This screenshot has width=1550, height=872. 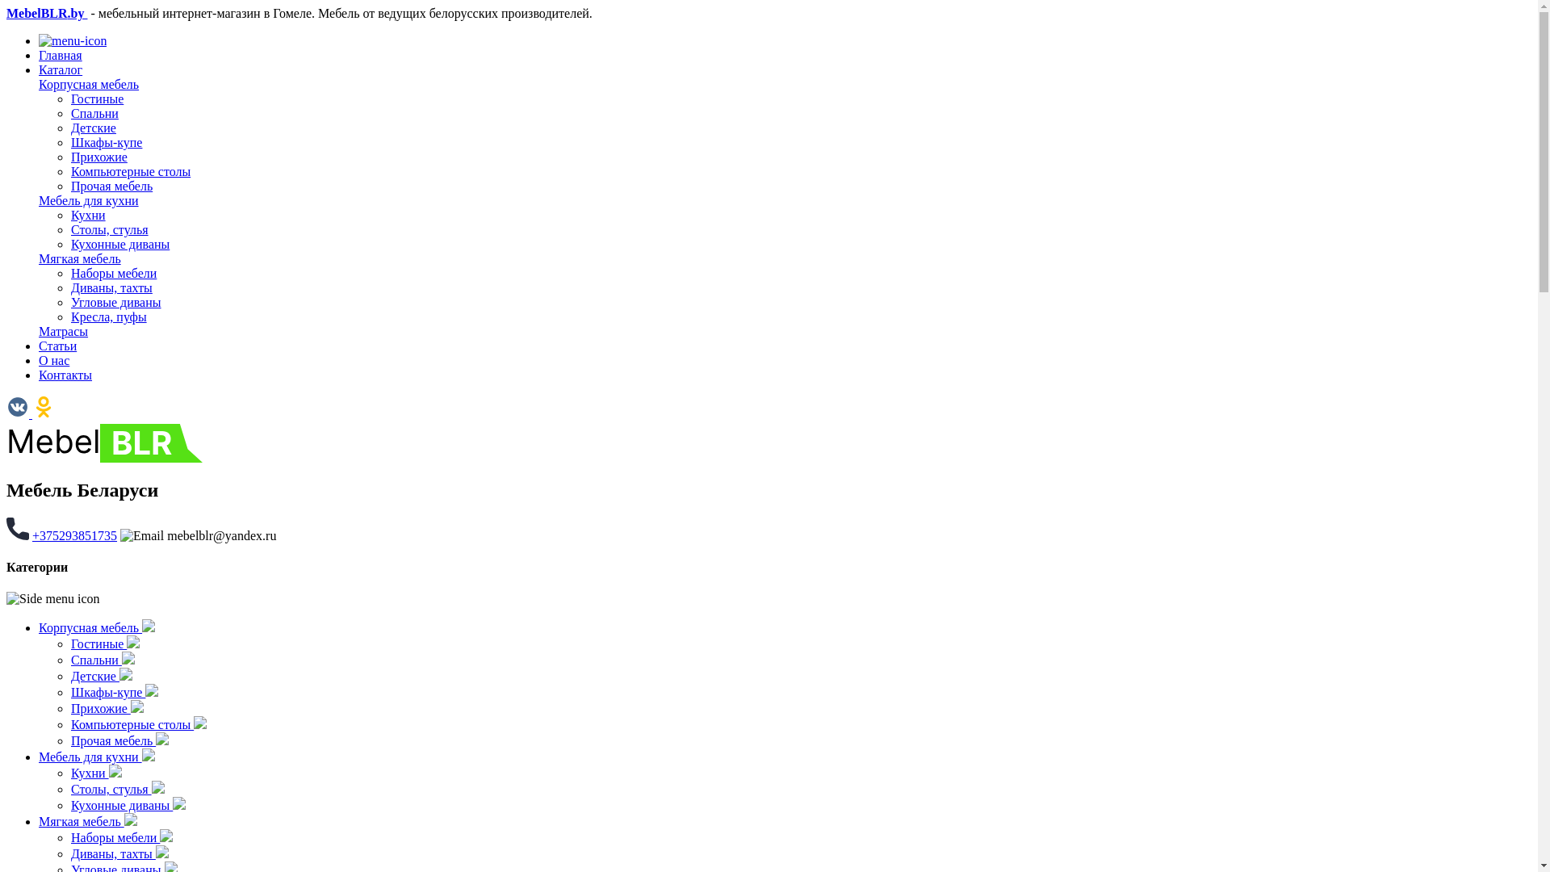 I want to click on 'MebelBLR.by', so click(x=46, y=13).